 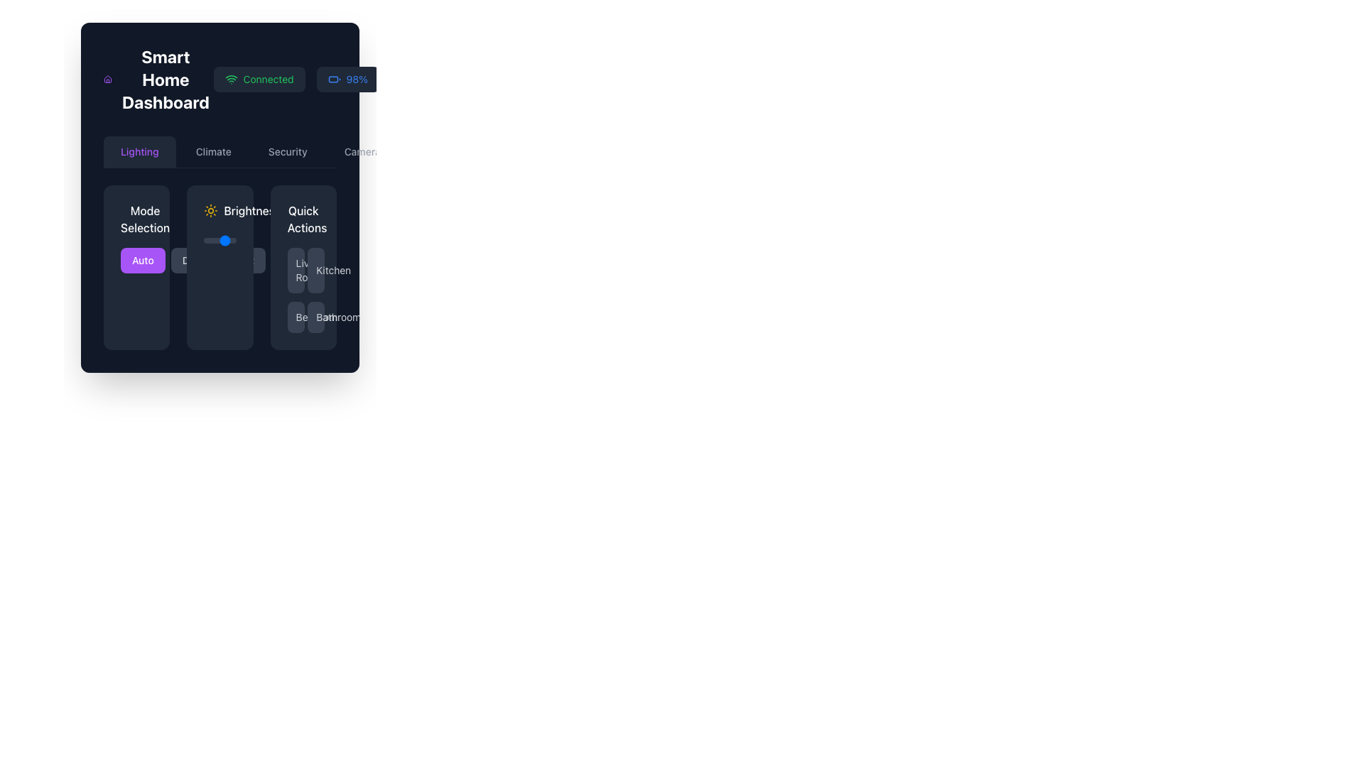 What do you see at coordinates (287, 151) in the screenshot?
I see `the 'Security' navigation button, which is the third button from the left in a horizontal navigation bar, to observe the style change` at bounding box center [287, 151].